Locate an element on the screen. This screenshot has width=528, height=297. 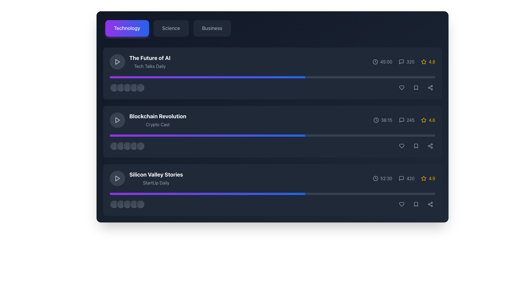
the progress bar indicating 60% fill, located below the title 'The Future of AI' and above the rating circles in the first card of the vertical list is located at coordinates (207, 77).